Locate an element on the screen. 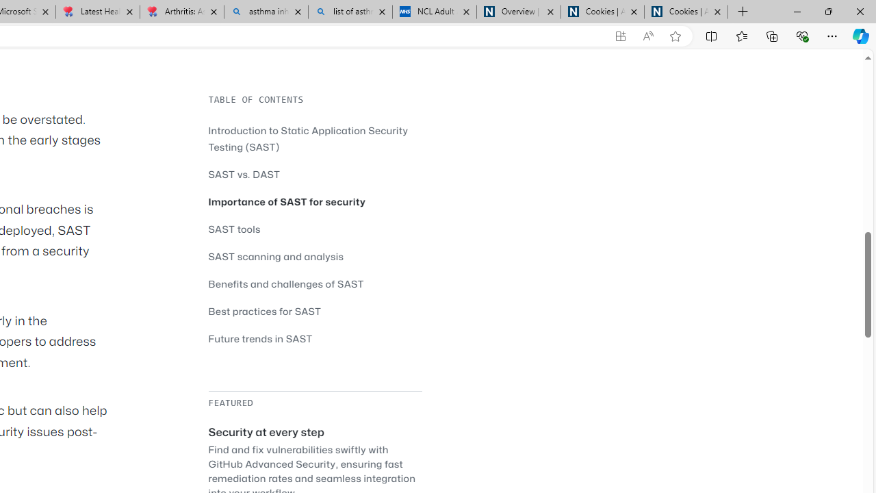 The image size is (876, 493). 'Arthritis: Ask Health Professionals' is located at coordinates (181, 12).